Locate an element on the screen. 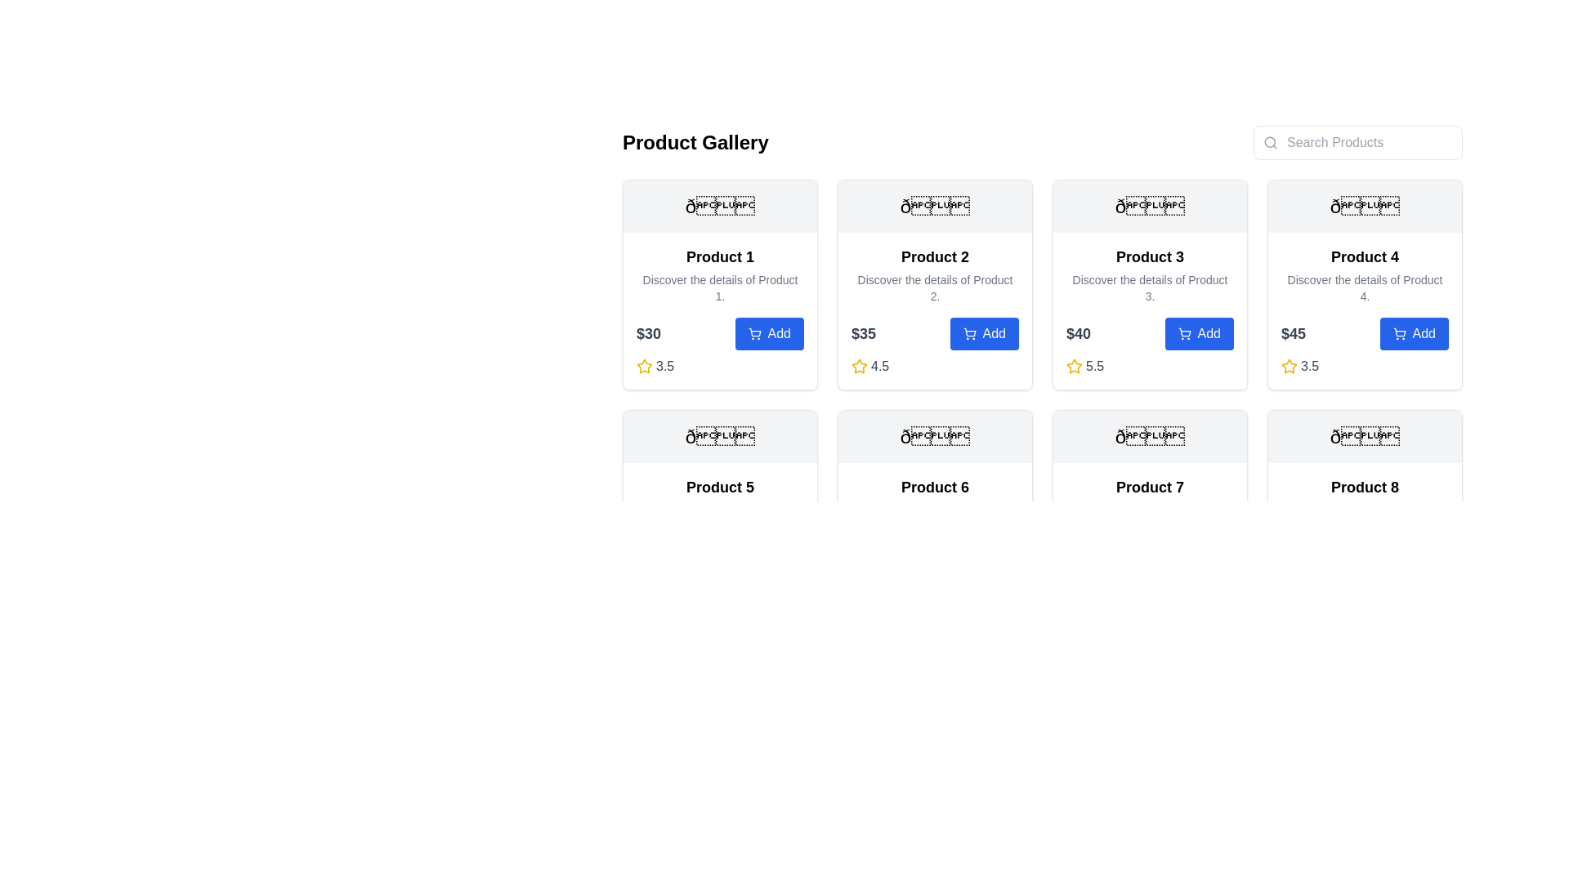 This screenshot has height=882, width=1569. the text-based symbol icon (🌟) displayed within a light gray box, which is part of the card layout for 'Product 4', located above the product title and description is located at coordinates (1365, 206).